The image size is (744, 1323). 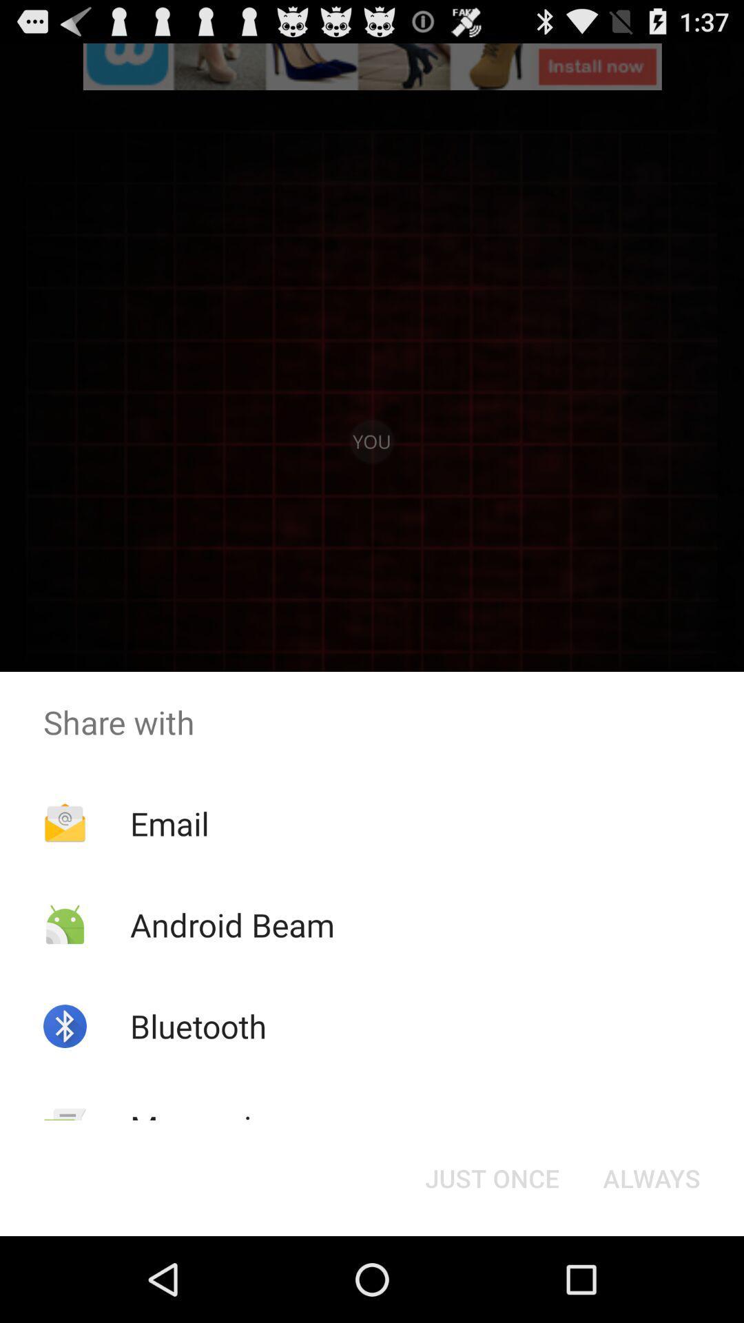 What do you see at coordinates (491, 1177) in the screenshot?
I see `item next to the always item` at bounding box center [491, 1177].